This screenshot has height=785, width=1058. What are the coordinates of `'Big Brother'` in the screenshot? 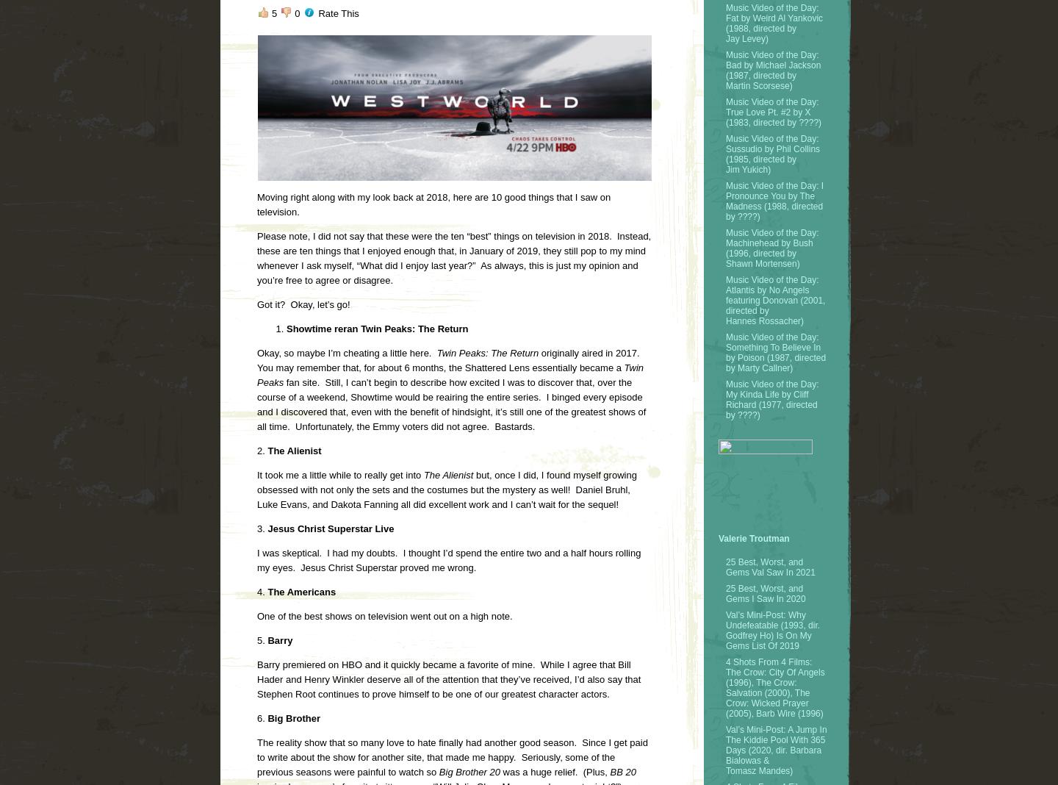 It's located at (264, 718).